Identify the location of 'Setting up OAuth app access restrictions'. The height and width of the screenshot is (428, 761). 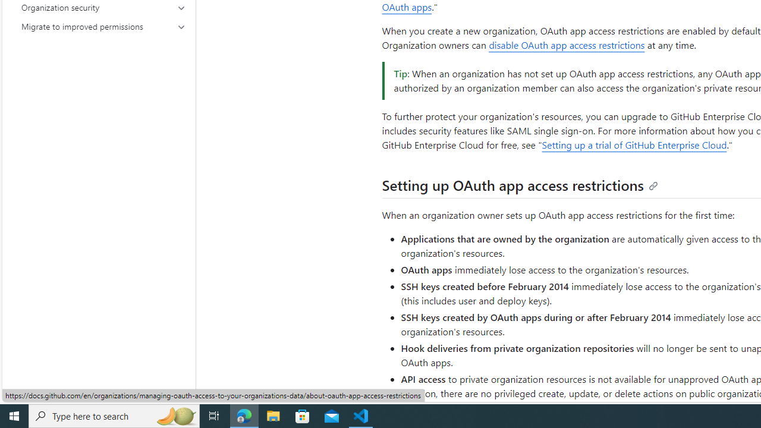
(520, 185).